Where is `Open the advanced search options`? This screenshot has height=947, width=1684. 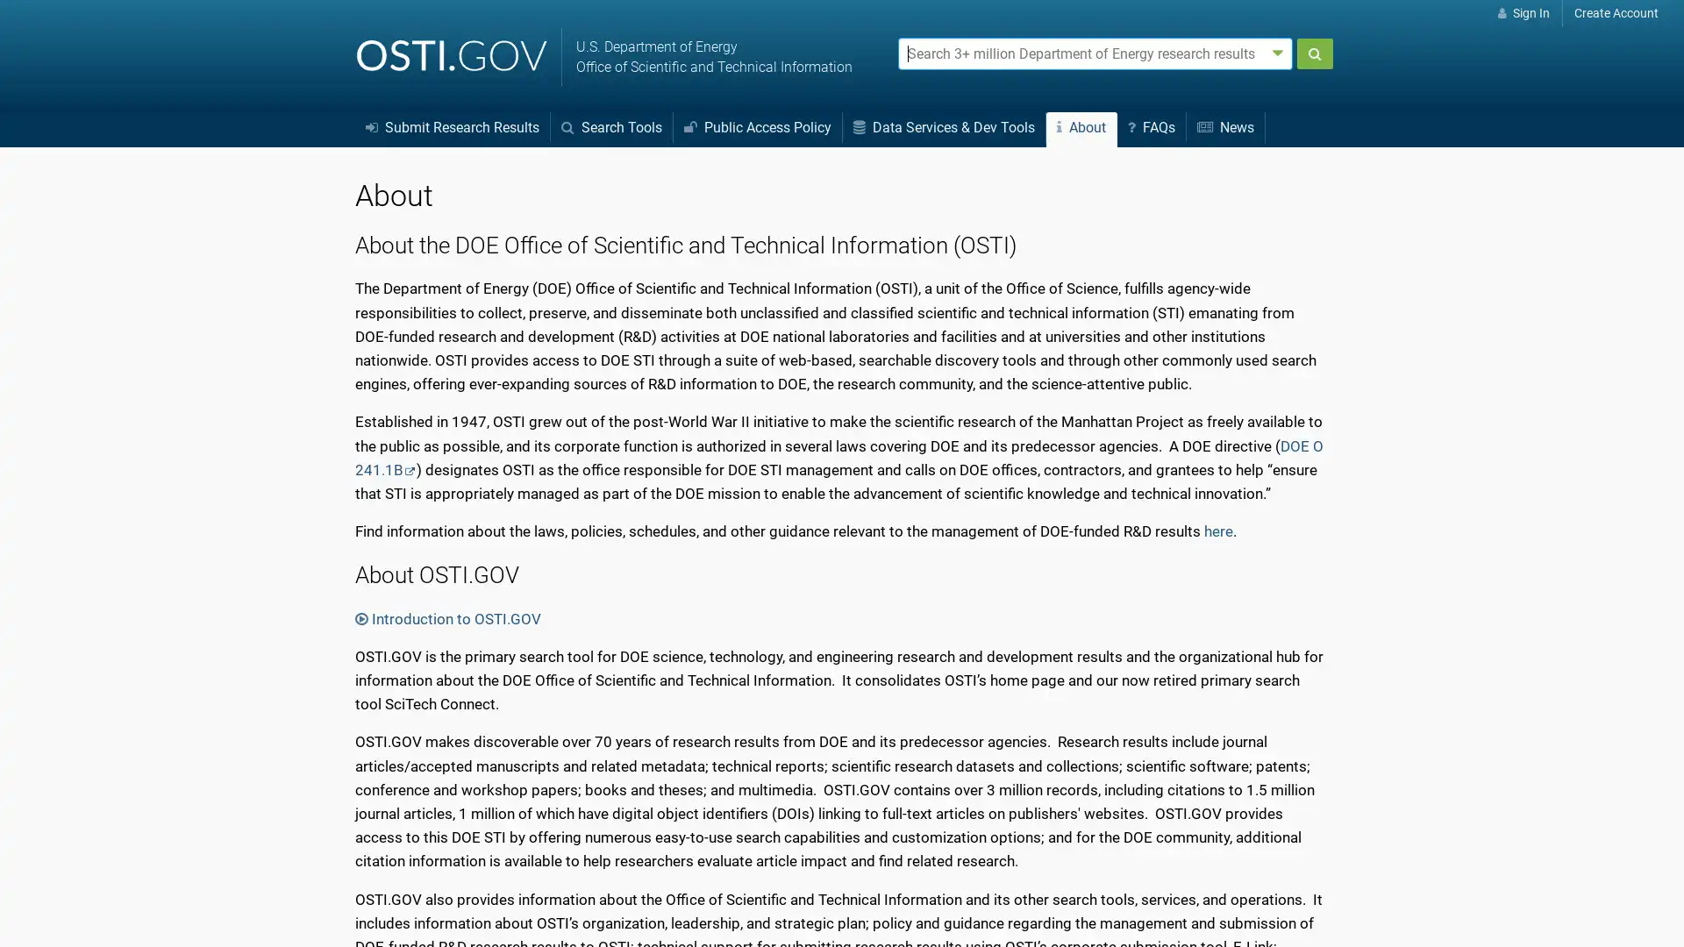 Open the advanced search options is located at coordinates (1278, 52).